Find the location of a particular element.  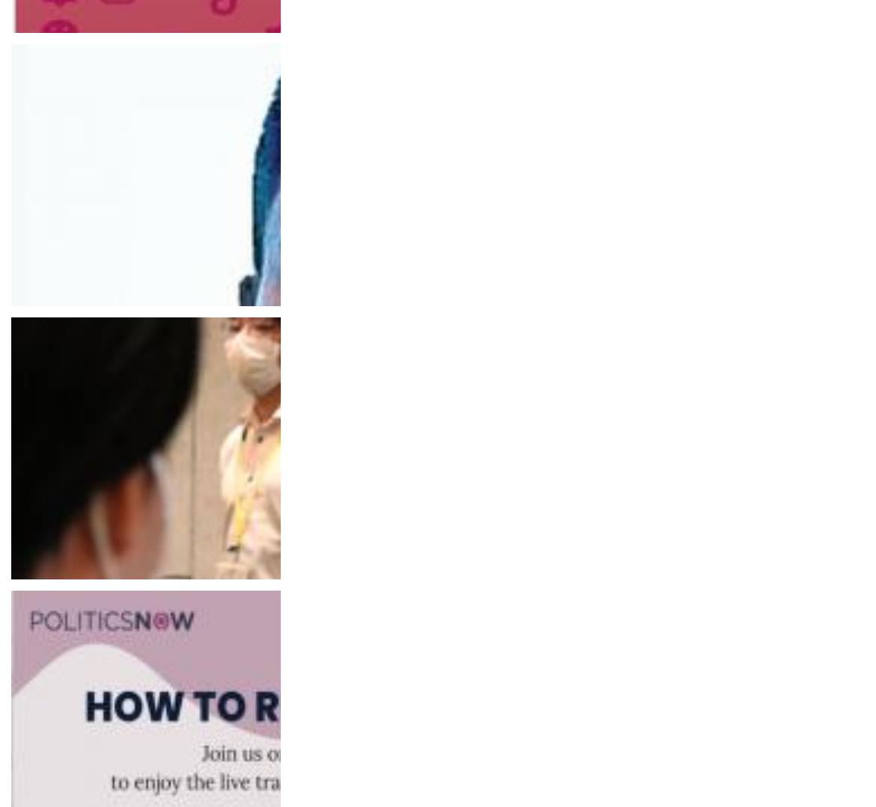

'Raseef22' is located at coordinates (45, 77).